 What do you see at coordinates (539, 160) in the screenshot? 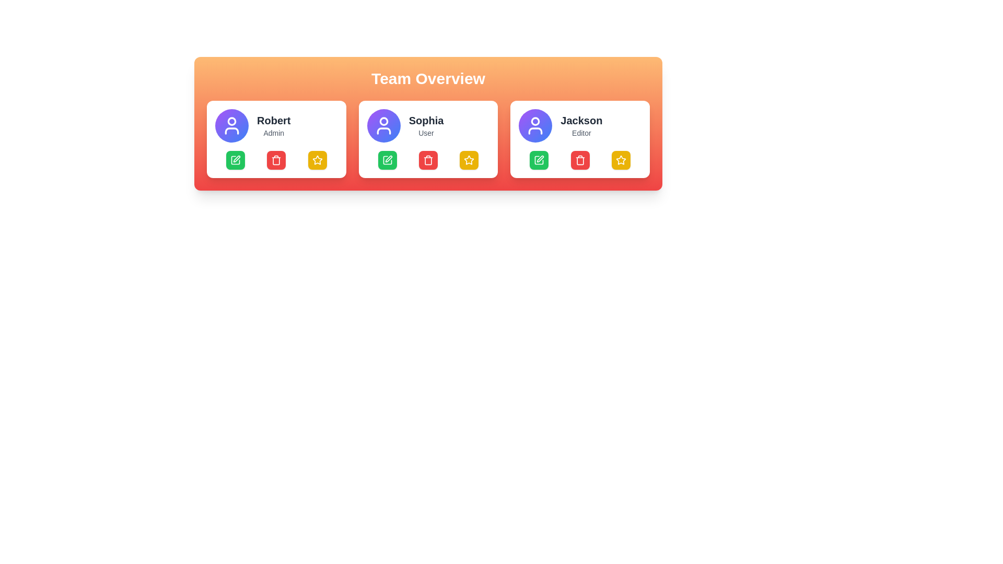
I see `the green button with a white pen icon located at the lower section of the third card associated with user 'Jackson' to observe its color change` at bounding box center [539, 160].